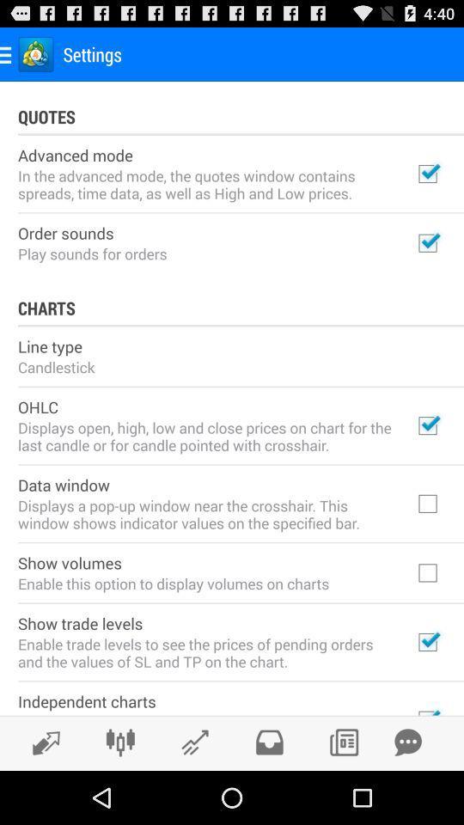  I want to click on connect with others, so click(119, 742).